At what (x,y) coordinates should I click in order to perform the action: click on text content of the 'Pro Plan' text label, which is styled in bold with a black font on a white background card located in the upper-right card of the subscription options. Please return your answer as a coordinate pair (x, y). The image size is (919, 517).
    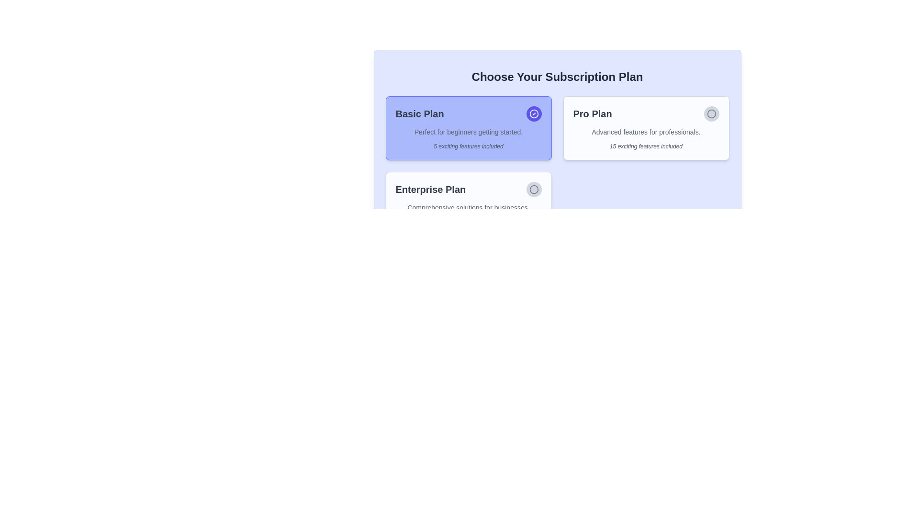
    Looking at the image, I should click on (592, 113).